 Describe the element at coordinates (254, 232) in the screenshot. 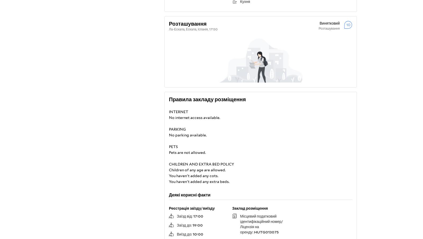

I see `'HUTG013075'` at that location.